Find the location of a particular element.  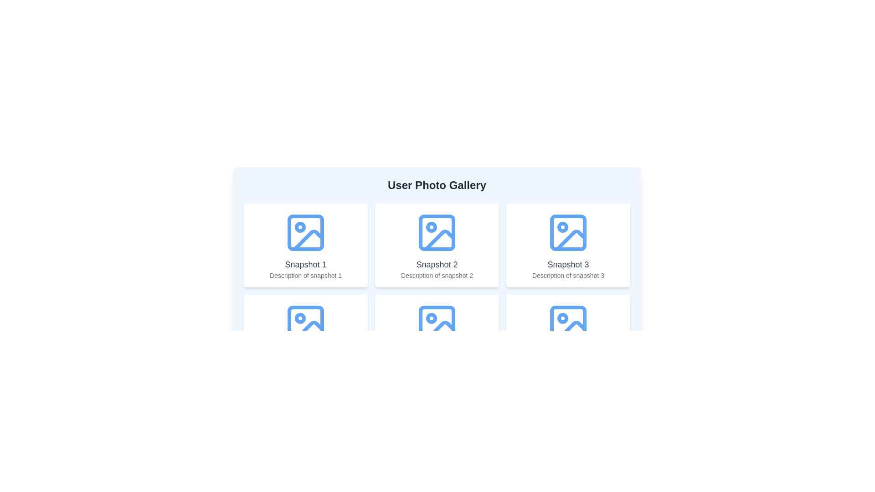

the card labeled 'Snapshot 3', which features a large blue image icon and is positioned is located at coordinates (568, 245).